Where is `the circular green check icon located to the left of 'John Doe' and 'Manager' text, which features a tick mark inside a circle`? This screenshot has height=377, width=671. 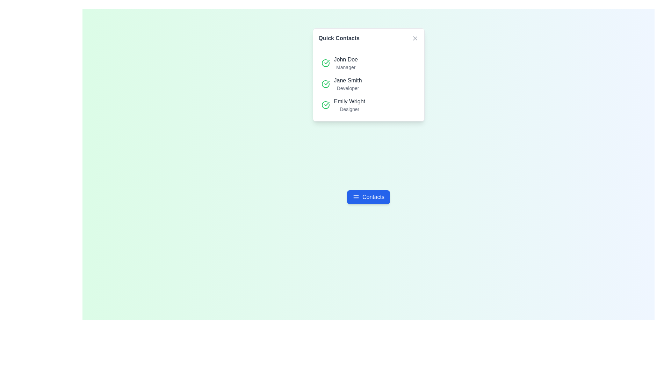
the circular green check icon located to the left of 'John Doe' and 'Manager' text, which features a tick mark inside a circle is located at coordinates (325, 63).